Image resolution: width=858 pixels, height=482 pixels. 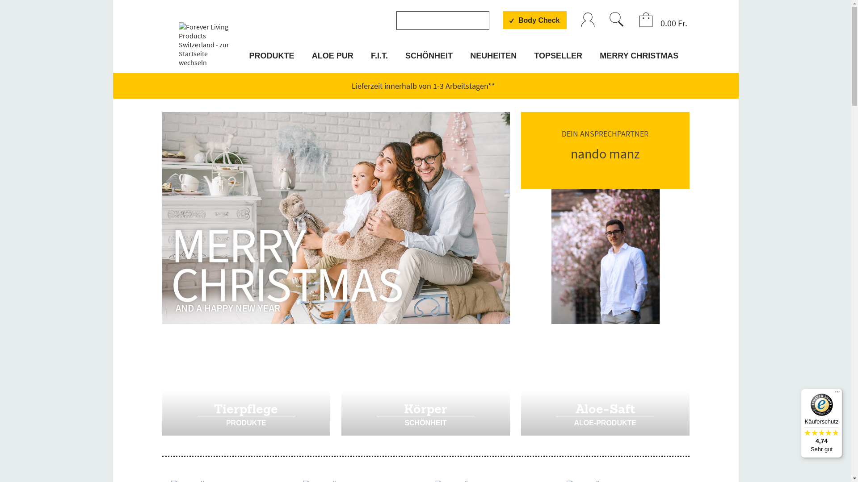 I want to click on 'Mein Konto', so click(x=588, y=20).